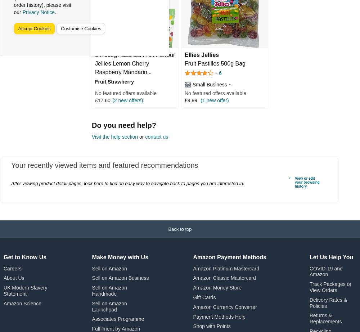  What do you see at coordinates (117, 319) in the screenshot?
I see `'Associates Programme'` at bounding box center [117, 319].